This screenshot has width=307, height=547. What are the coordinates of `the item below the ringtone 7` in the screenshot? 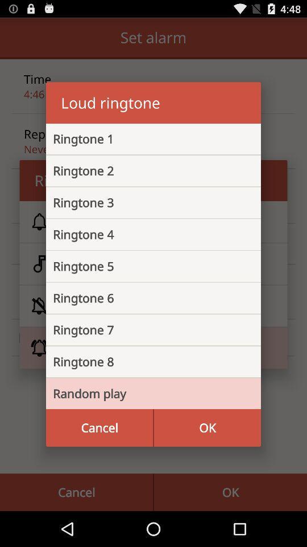 It's located at (144, 361).